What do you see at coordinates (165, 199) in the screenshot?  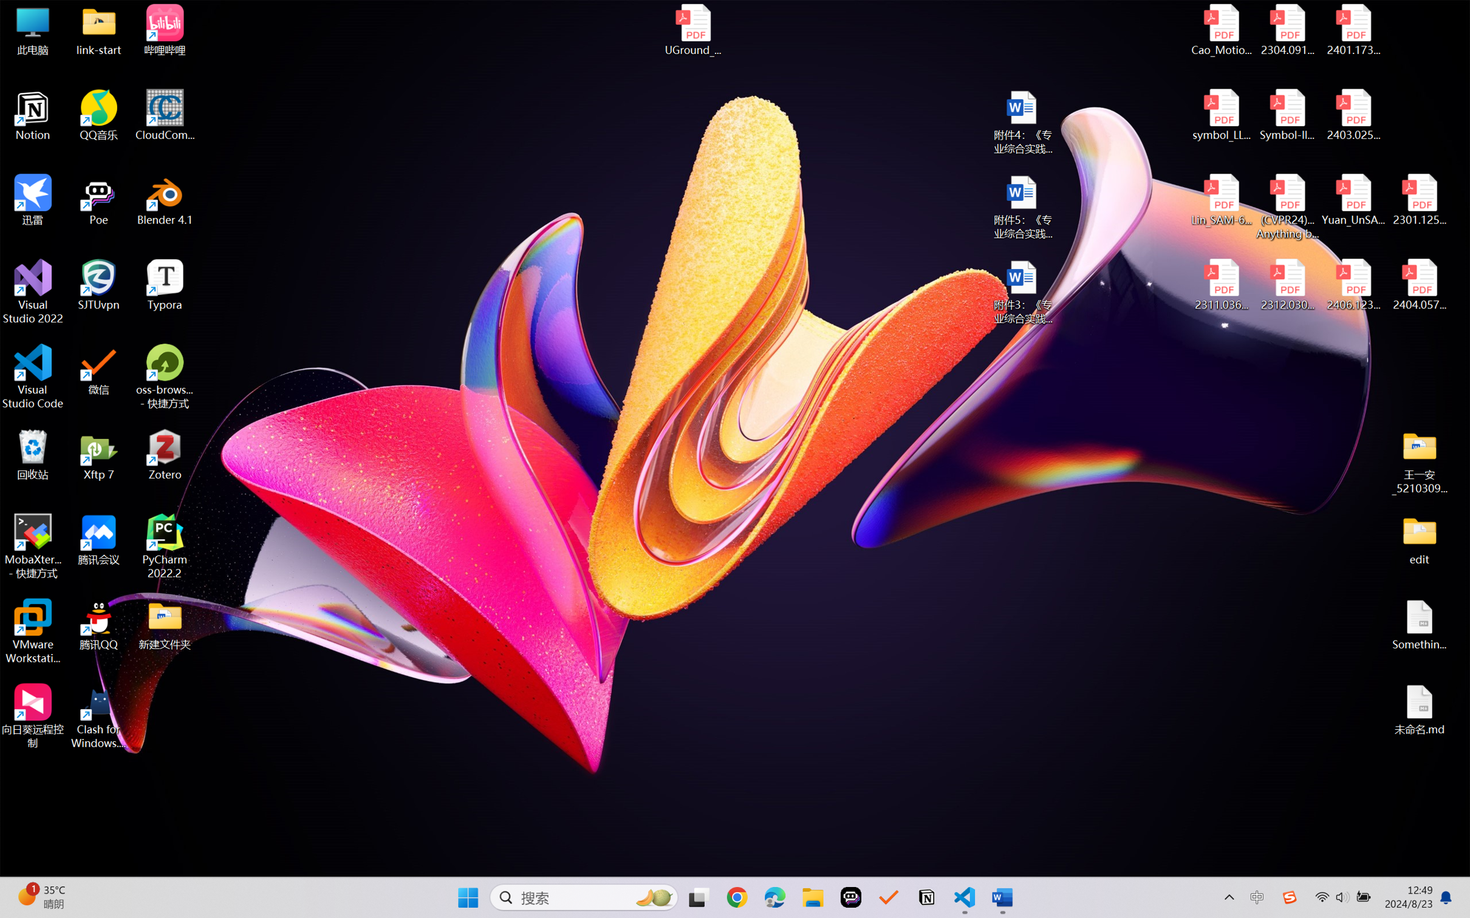 I see `'Blender 4.1'` at bounding box center [165, 199].